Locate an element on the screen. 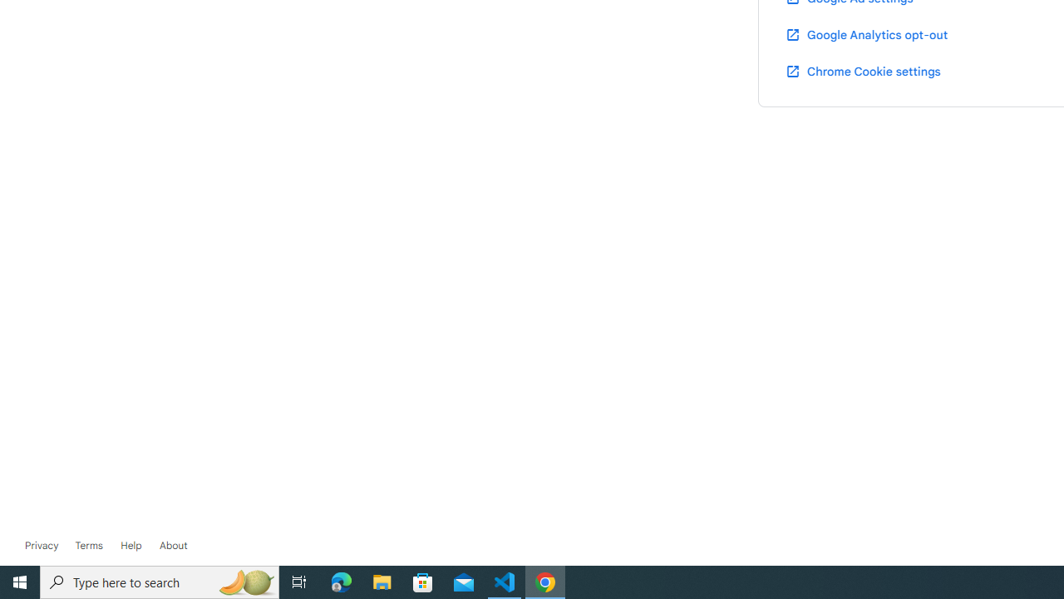  'Type here to search' is located at coordinates (160, 581).